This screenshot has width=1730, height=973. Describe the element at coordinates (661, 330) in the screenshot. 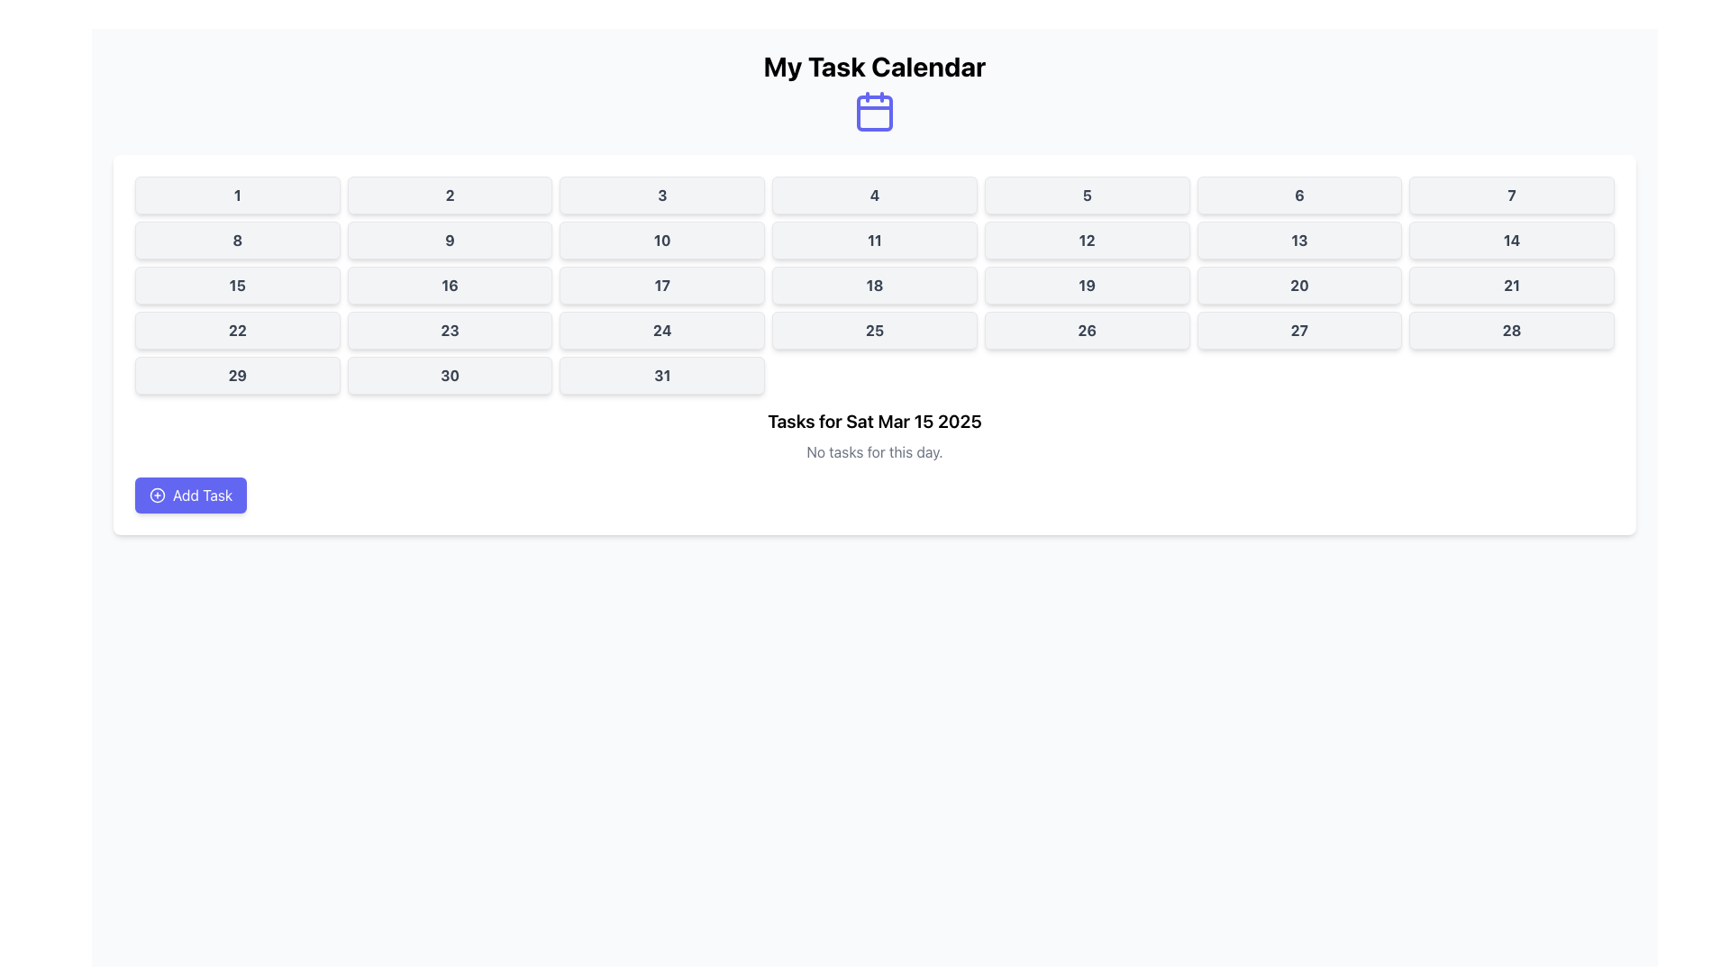

I see `the rectangular button with the bold text '24', which is located in the fourth row and fourth column of a grid layout` at that location.